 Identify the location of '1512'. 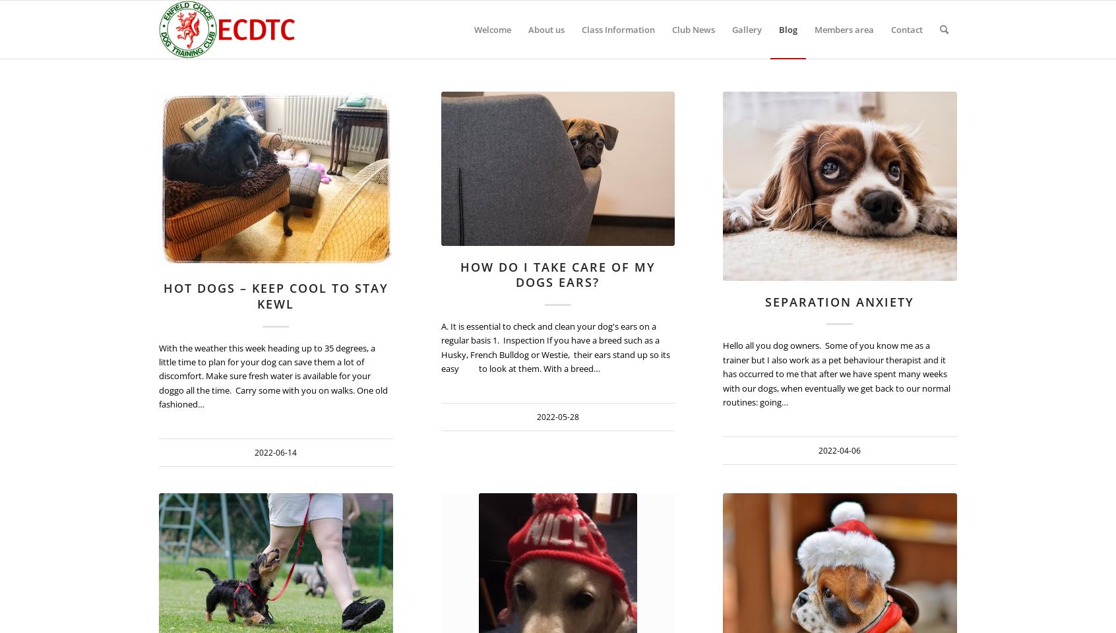
(547, 111).